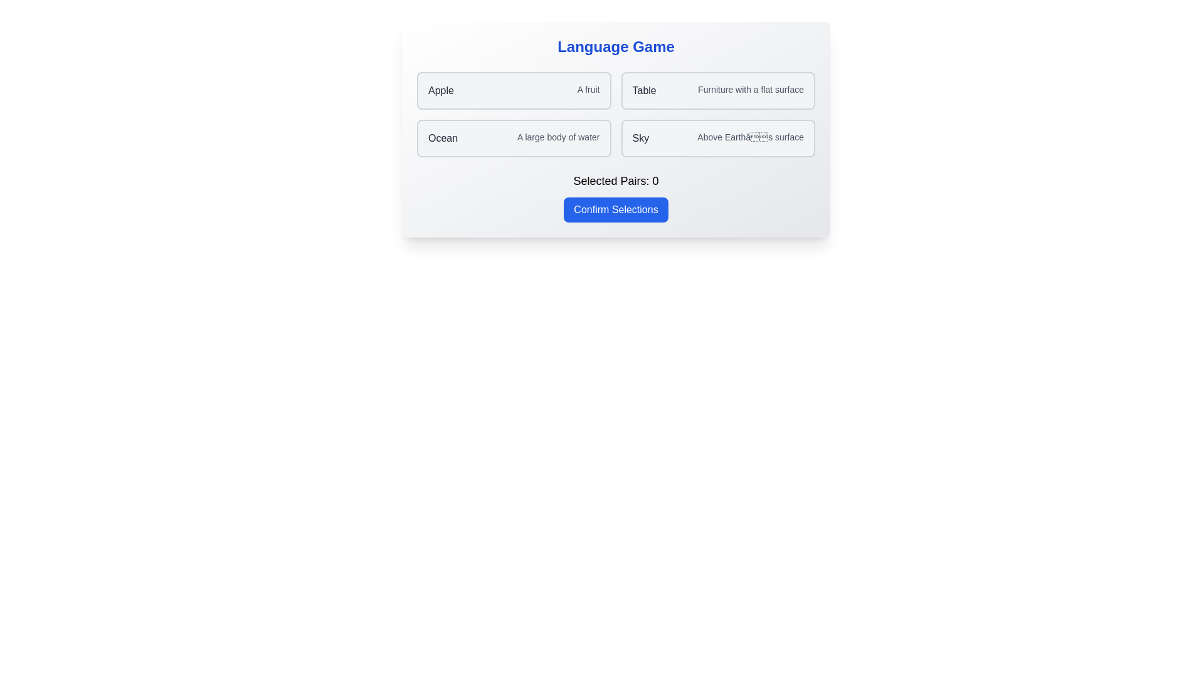  Describe the element at coordinates (514, 90) in the screenshot. I see `the word-definition pair Apple - A fruit` at that location.